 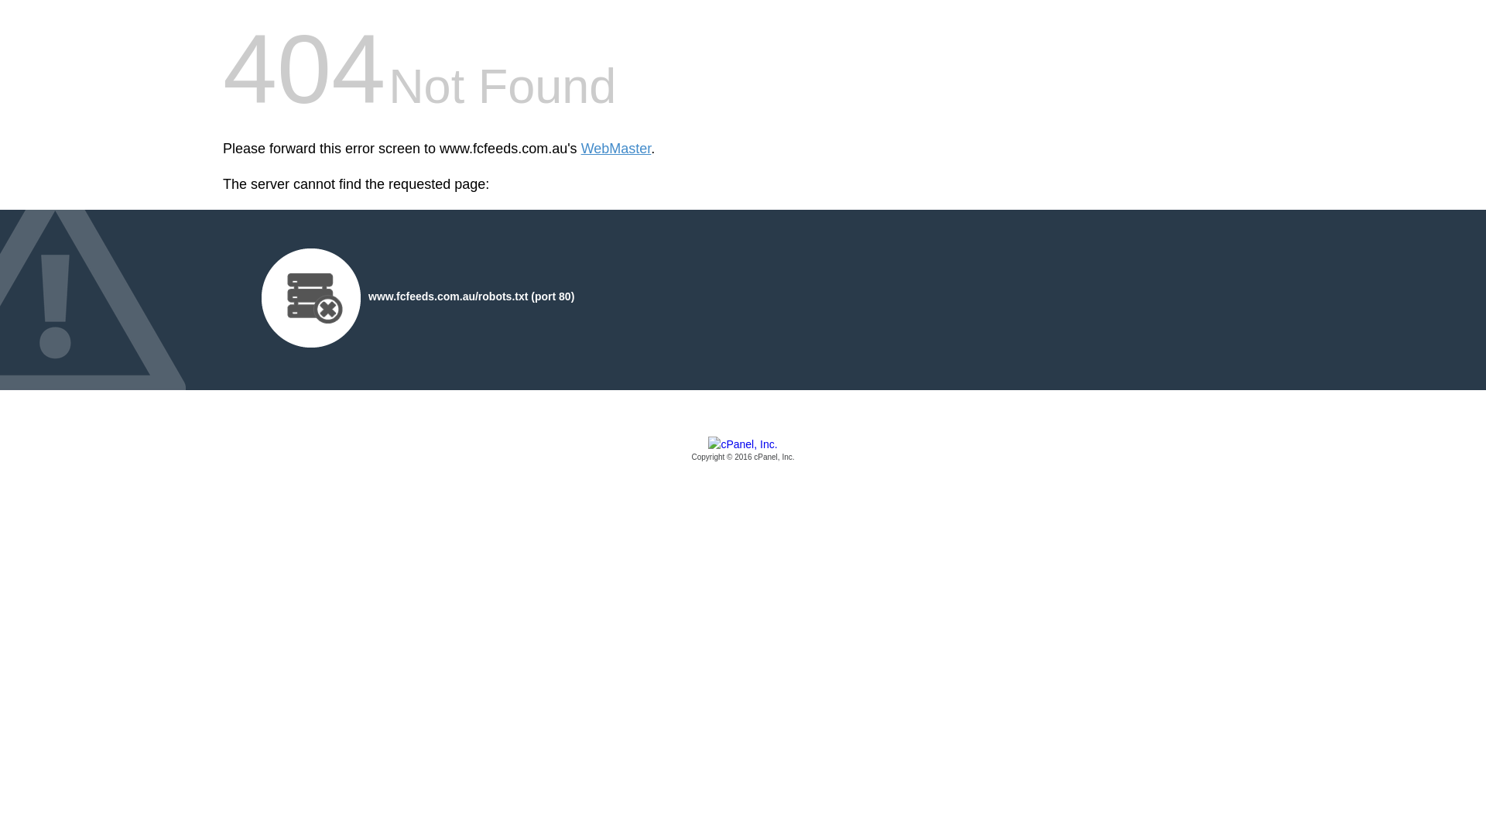 What do you see at coordinates (615, 149) in the screenshot?
I see `'WebMaster'` at bounding box center [615, 149].